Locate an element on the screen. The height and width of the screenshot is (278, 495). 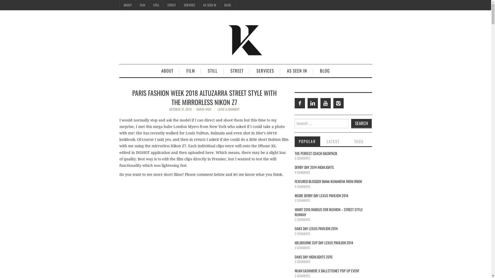
'LinkedIn' is located at coordinates (312, 103).